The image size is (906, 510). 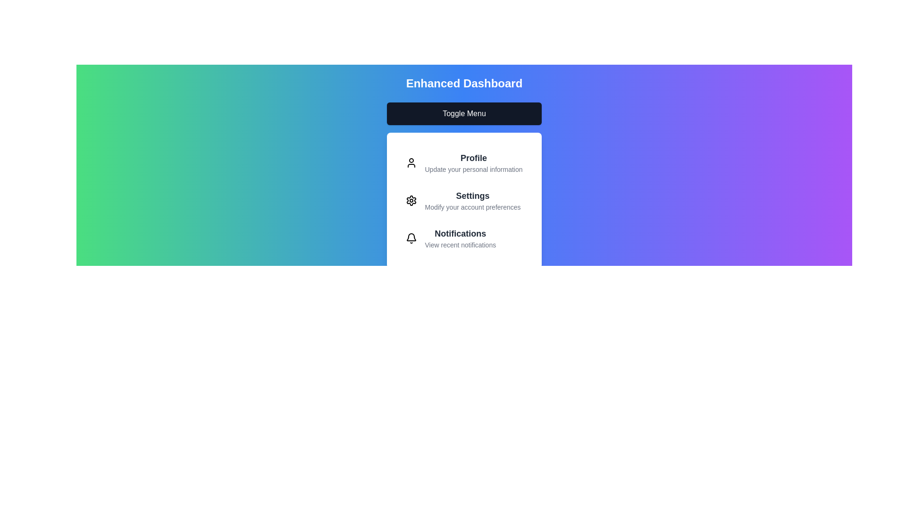 What do you see at coordinates (473, 200) in the screenshot?
I see `the 'Settings' menu item to trigger its associated action` at bounding box center [473, 200].